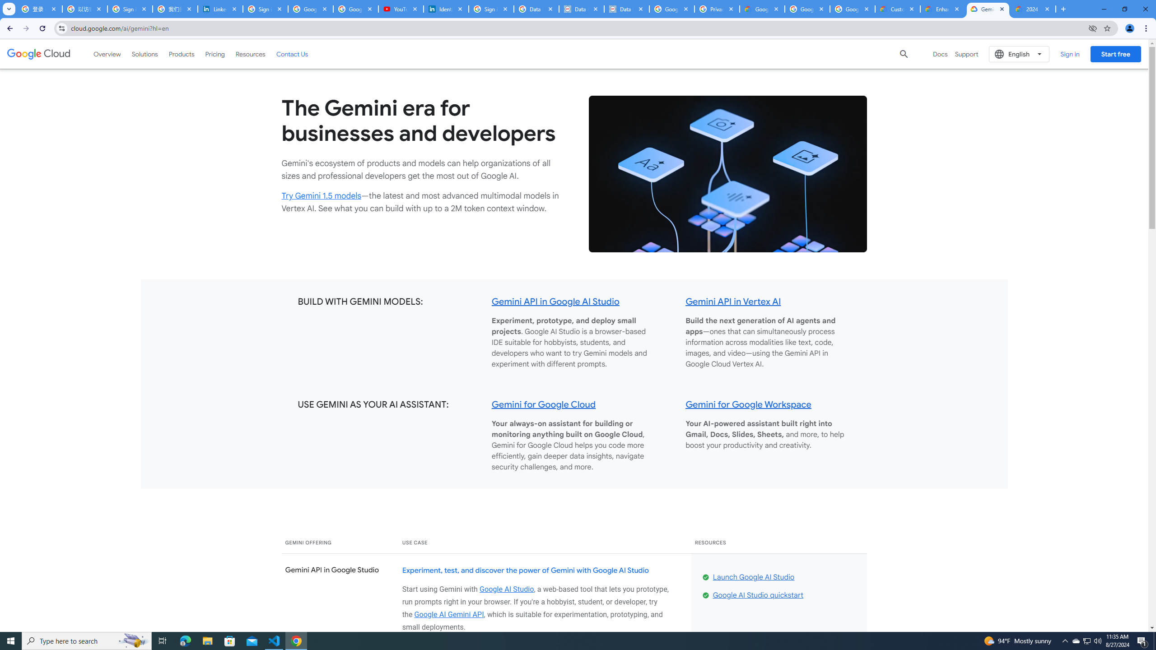 The height and width of the screenshot is (650, 1156). What do you see at coordinates (215, 53) in the screenshot?
I see `'Pricing'` at bounding box center [215, 53].